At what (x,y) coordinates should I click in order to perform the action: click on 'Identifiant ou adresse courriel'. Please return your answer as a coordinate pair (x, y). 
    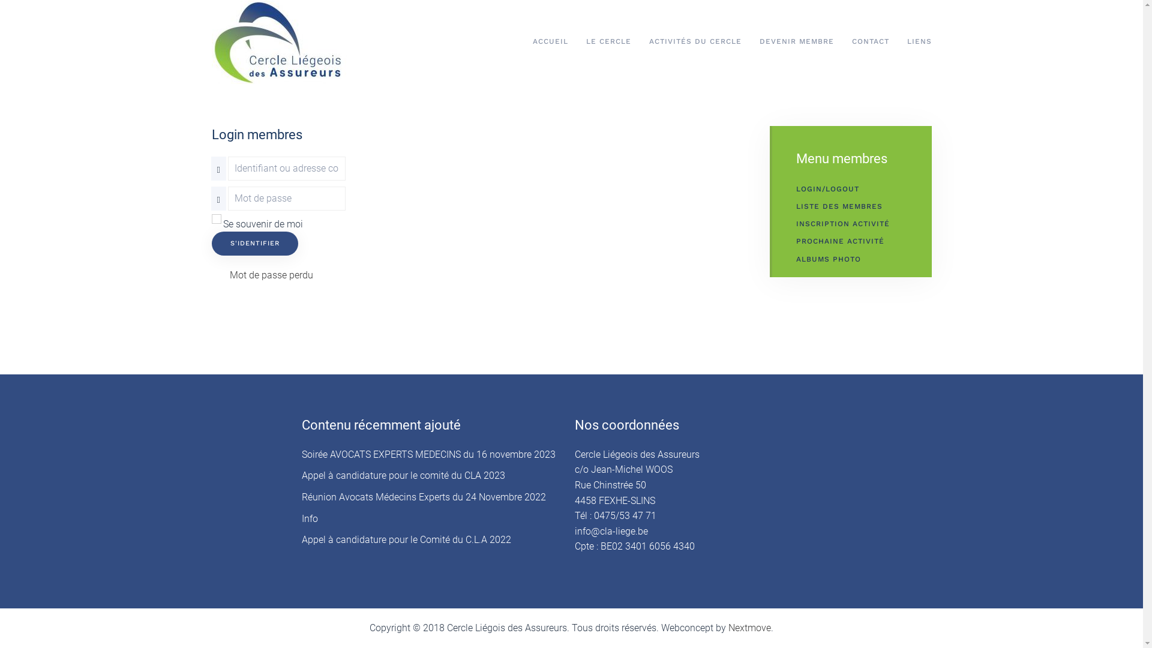
    Looking at the image, I should click on (218, 170).